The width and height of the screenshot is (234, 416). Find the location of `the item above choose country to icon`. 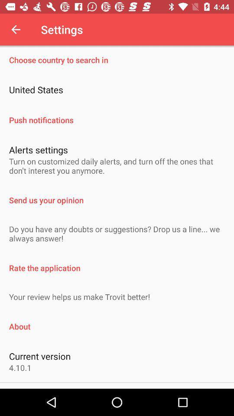

the item above choose country to icon is located at coordinates (16, 29).